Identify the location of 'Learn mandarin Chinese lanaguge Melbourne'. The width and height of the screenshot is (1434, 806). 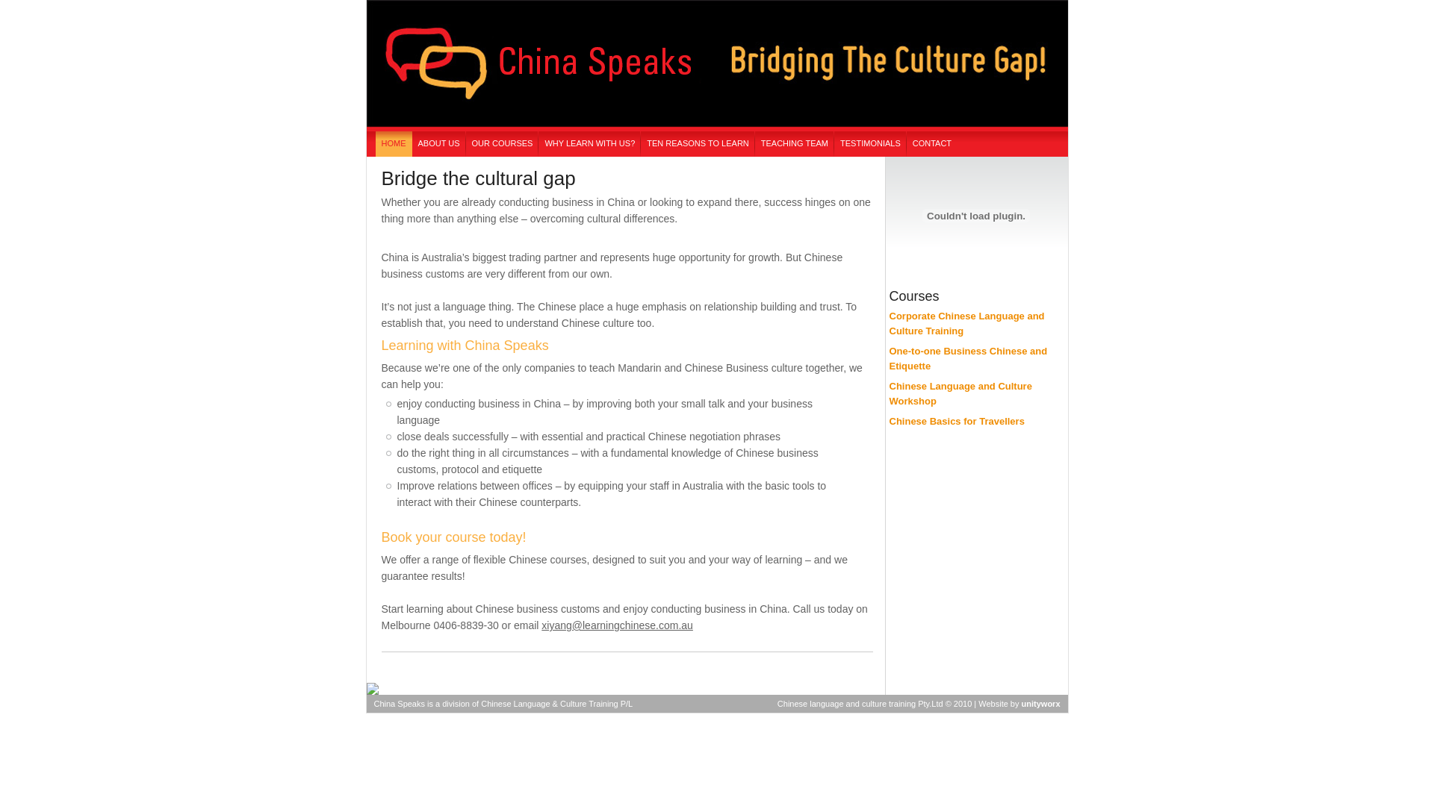
(365, 126).